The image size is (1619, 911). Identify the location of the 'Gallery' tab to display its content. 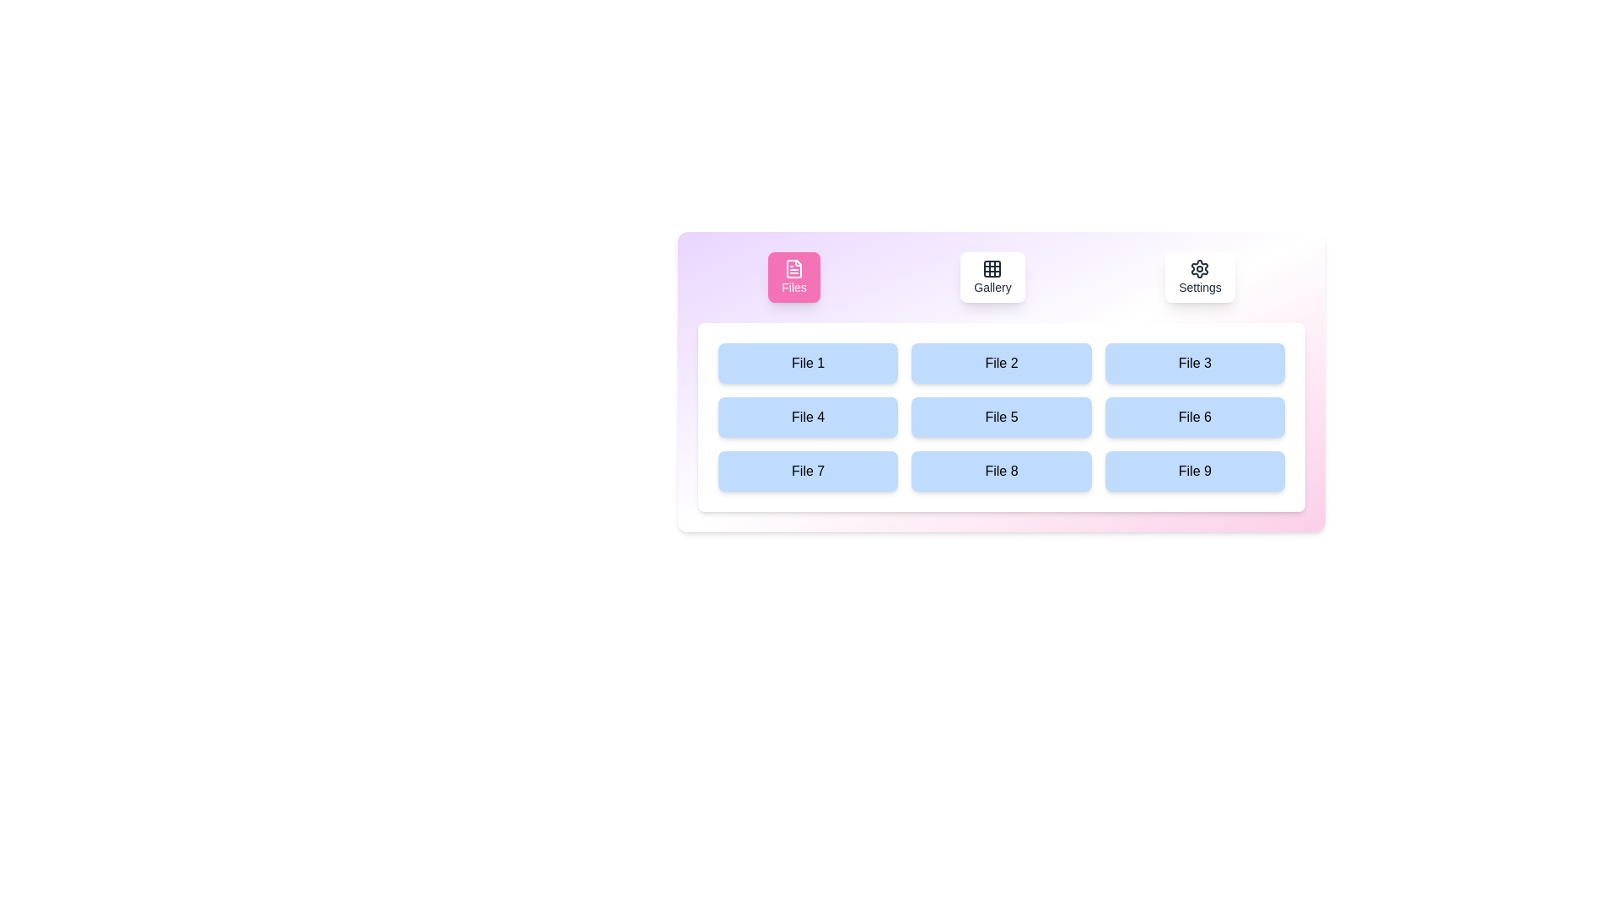
(992, 276).